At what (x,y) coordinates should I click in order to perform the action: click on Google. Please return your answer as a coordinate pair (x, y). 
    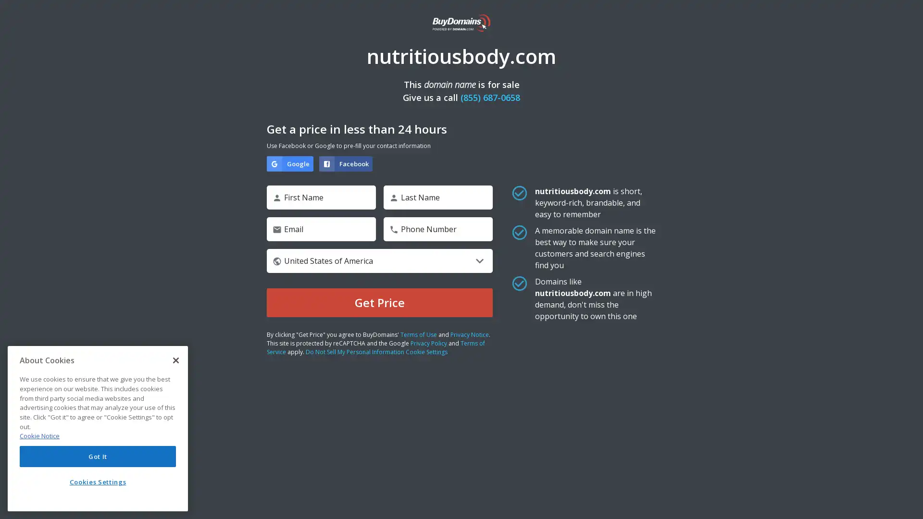
    Looking at the image, I should click on (289, 163).